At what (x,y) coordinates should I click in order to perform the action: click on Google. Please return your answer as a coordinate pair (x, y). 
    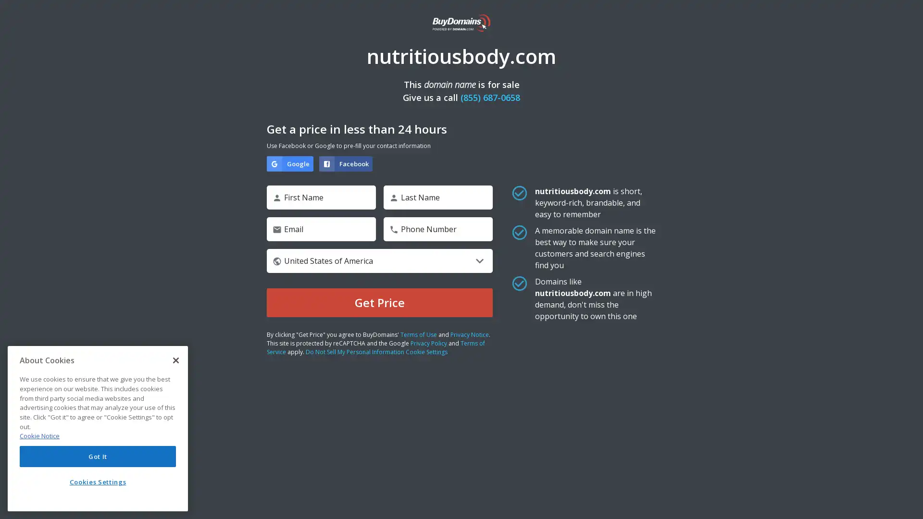
    Looking at the image, I should click on (289, 163).